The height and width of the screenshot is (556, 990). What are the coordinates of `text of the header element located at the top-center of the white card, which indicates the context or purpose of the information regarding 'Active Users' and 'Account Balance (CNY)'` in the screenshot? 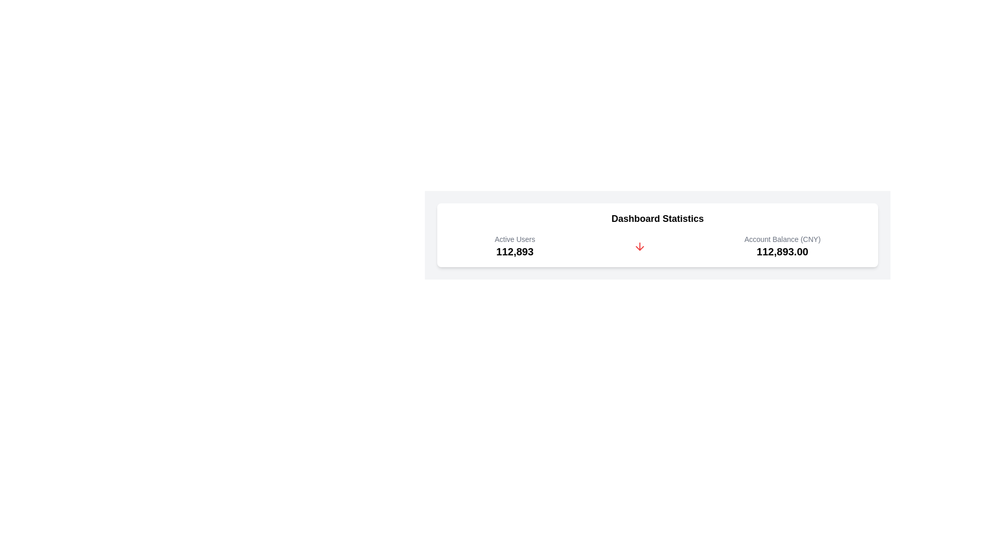 It's located at (657, 218).